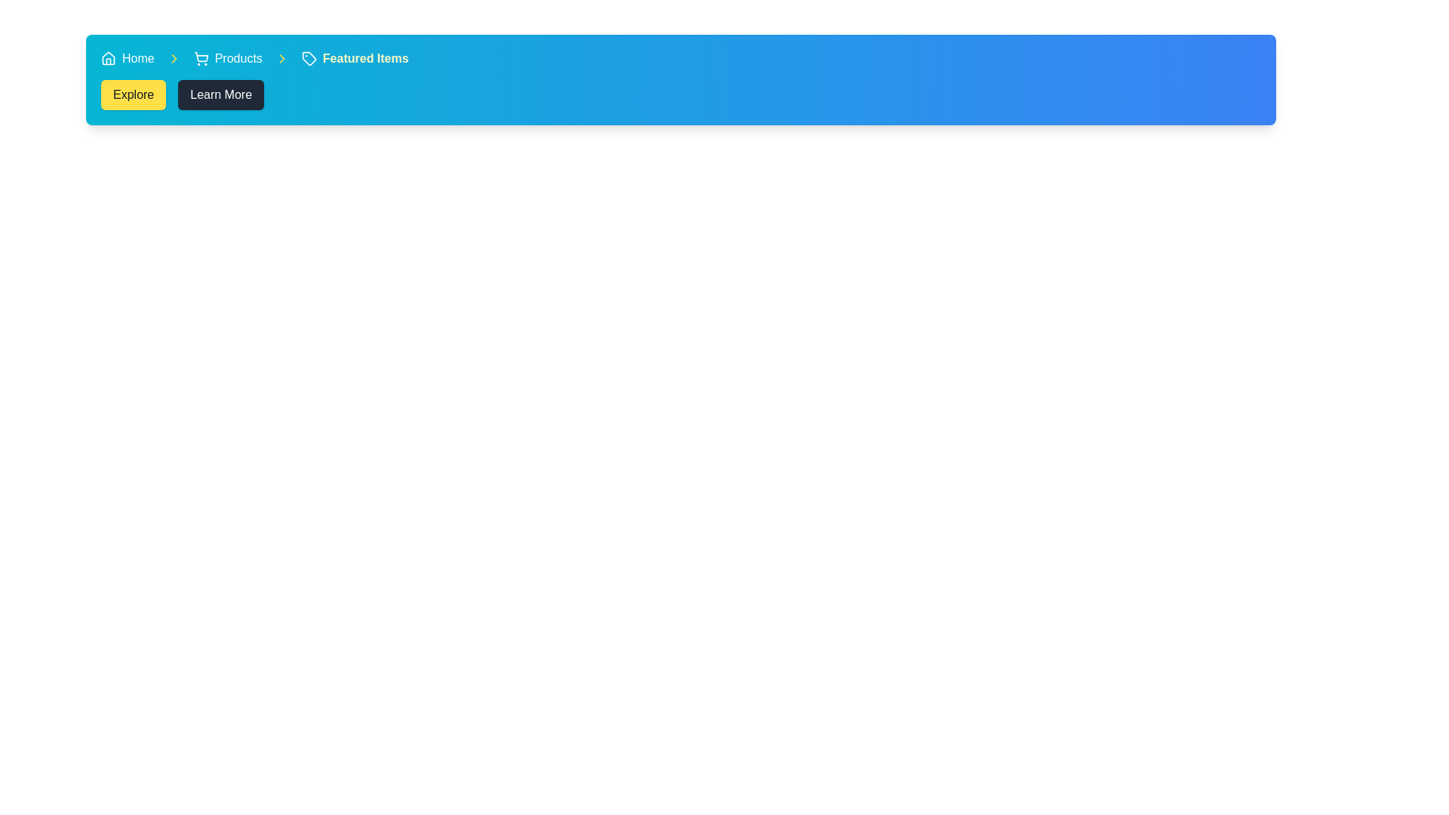 The width and height of the screenshot is (1449, 815). What do you see at coordinates (128, 57) in the screenshot?
I see `the 'Home' link in the navigation bar, which features a house-shaped icon and white text that changes to yellow on hover` at bounding box center [128, 57].